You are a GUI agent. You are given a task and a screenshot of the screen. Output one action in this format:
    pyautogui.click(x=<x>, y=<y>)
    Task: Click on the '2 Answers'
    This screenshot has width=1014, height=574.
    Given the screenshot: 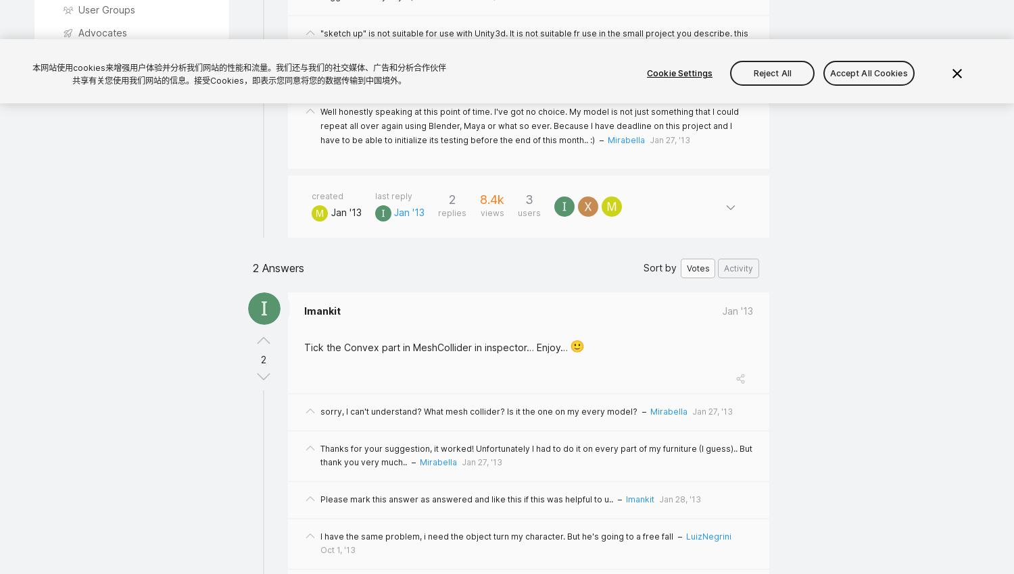 What is the action you would take?
    pyautogui.click(x=279, y=268)
    